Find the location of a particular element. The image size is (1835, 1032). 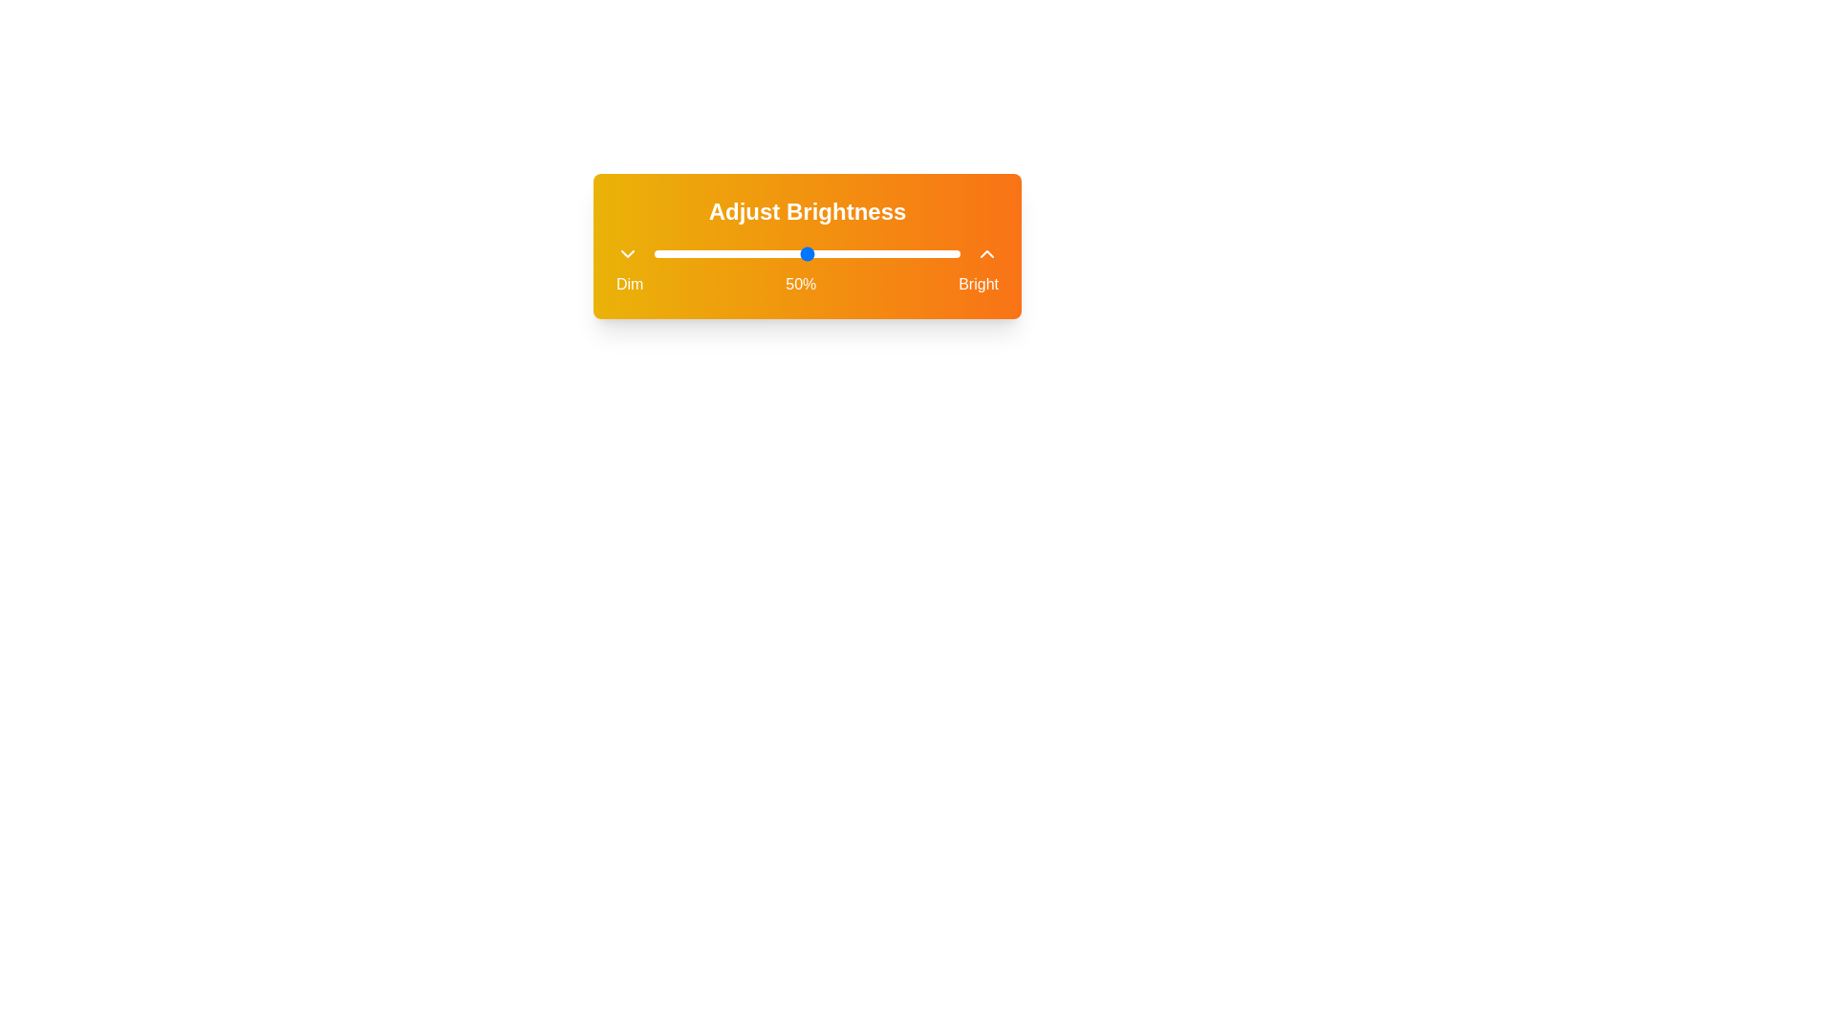

brightness is located at coordinates (939, 253).